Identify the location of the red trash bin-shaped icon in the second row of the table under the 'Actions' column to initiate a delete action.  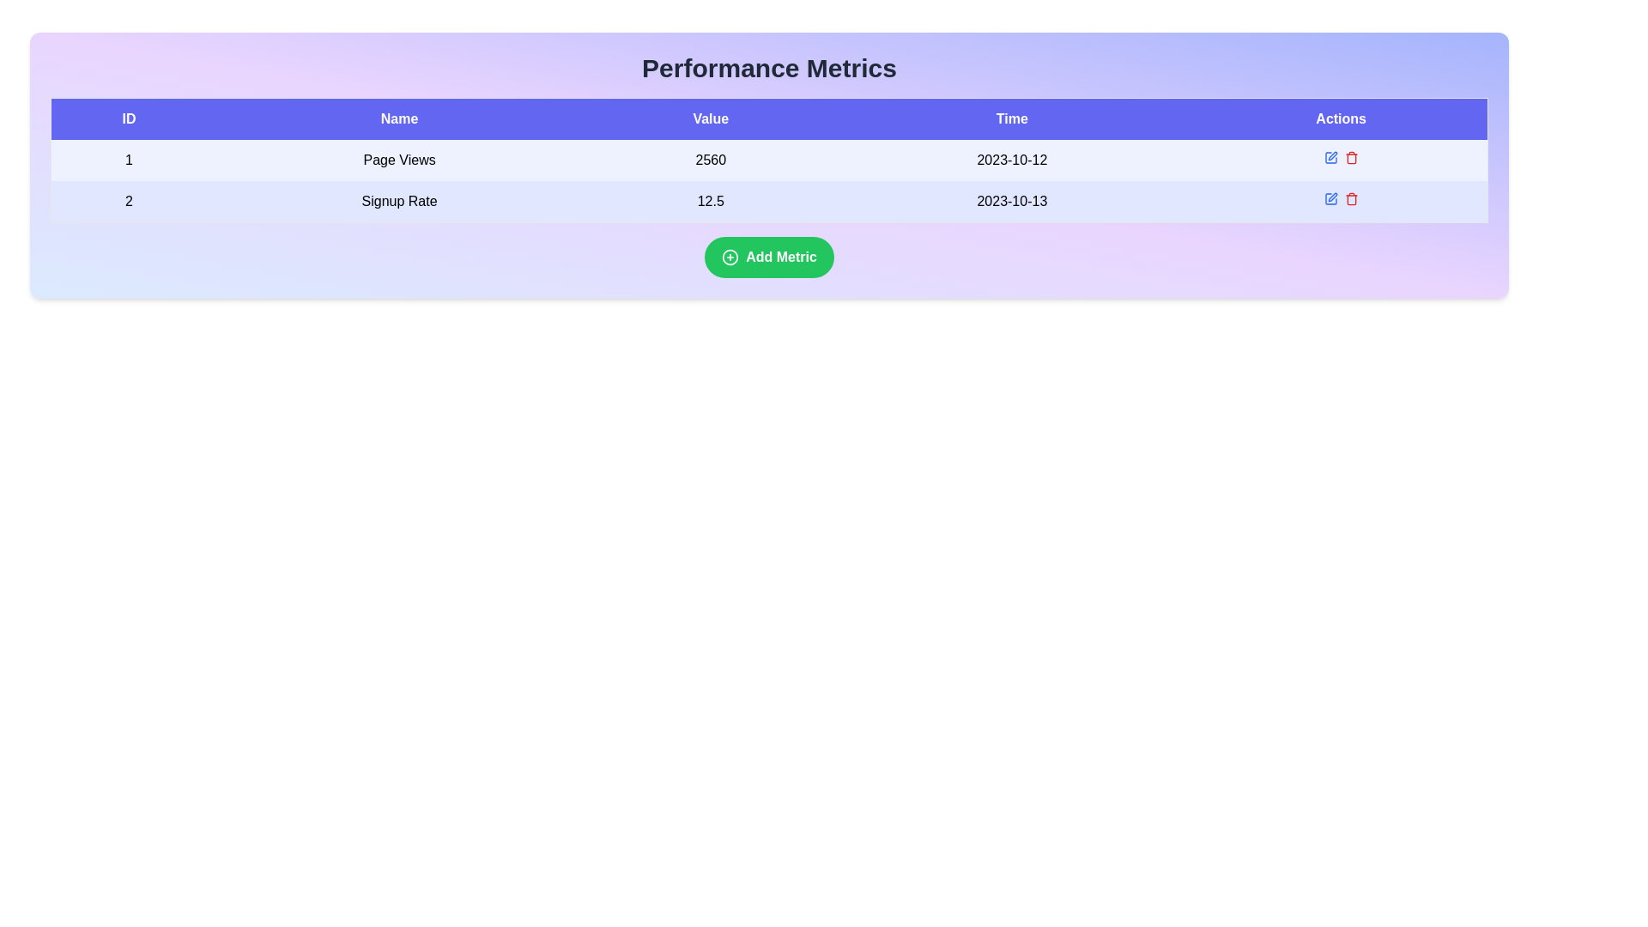
(1350, 158).